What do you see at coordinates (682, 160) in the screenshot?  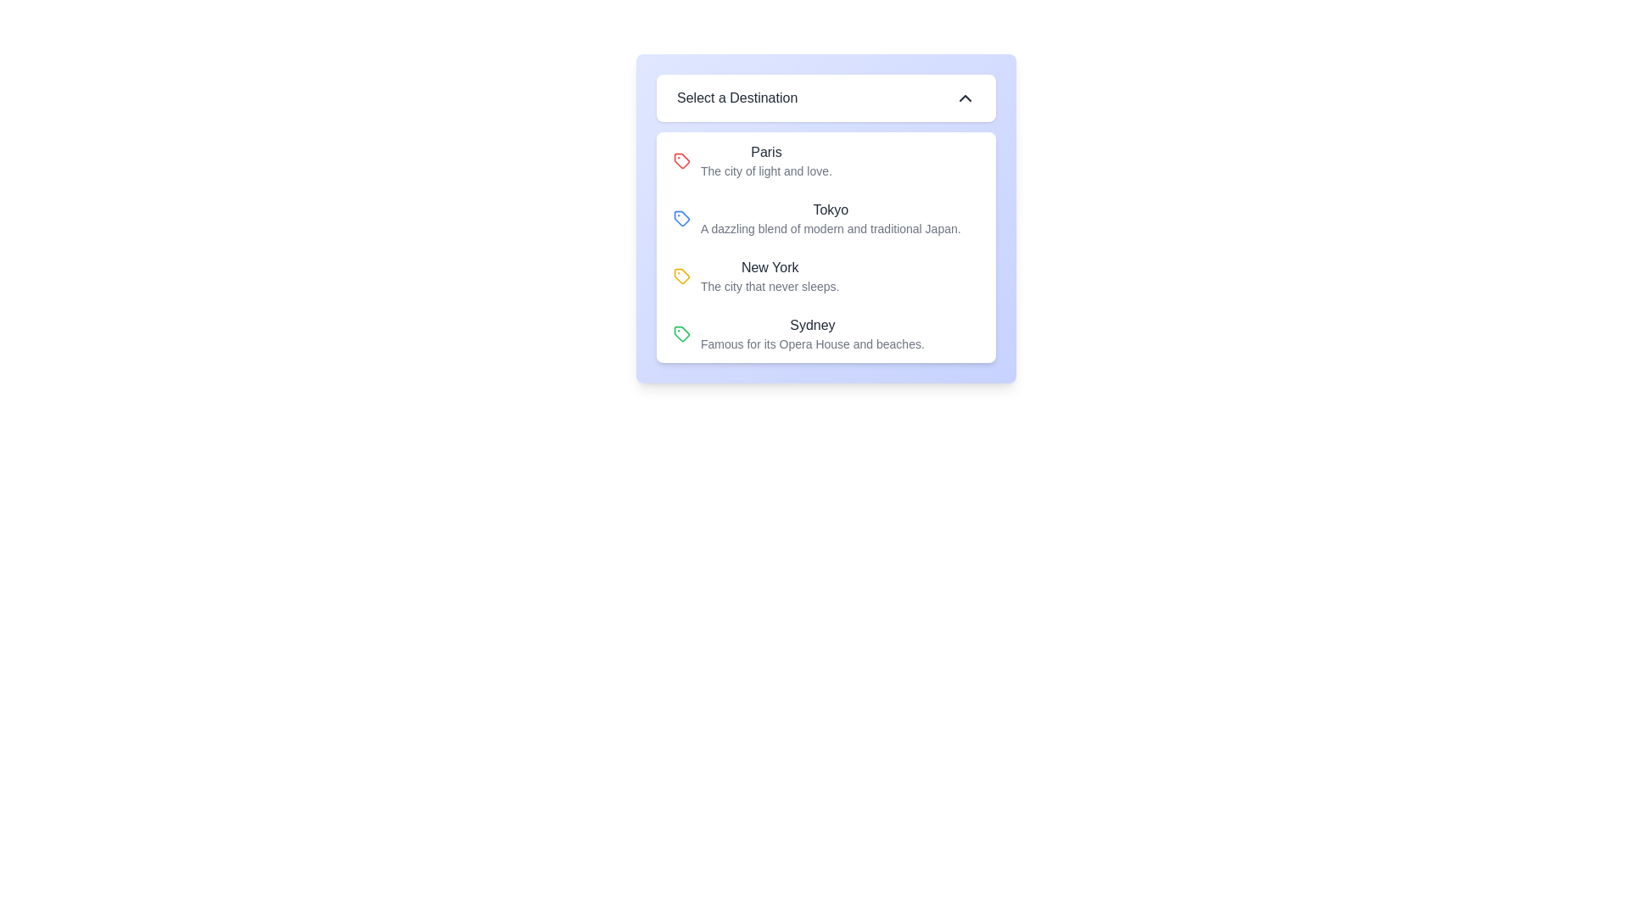 I see `the 'Paris' destination icon, which is a tag-like shape located below the 'Select a Destination' heading, and is the first graphical element next to the text 'Paris'` at bounding box center [682, 160].